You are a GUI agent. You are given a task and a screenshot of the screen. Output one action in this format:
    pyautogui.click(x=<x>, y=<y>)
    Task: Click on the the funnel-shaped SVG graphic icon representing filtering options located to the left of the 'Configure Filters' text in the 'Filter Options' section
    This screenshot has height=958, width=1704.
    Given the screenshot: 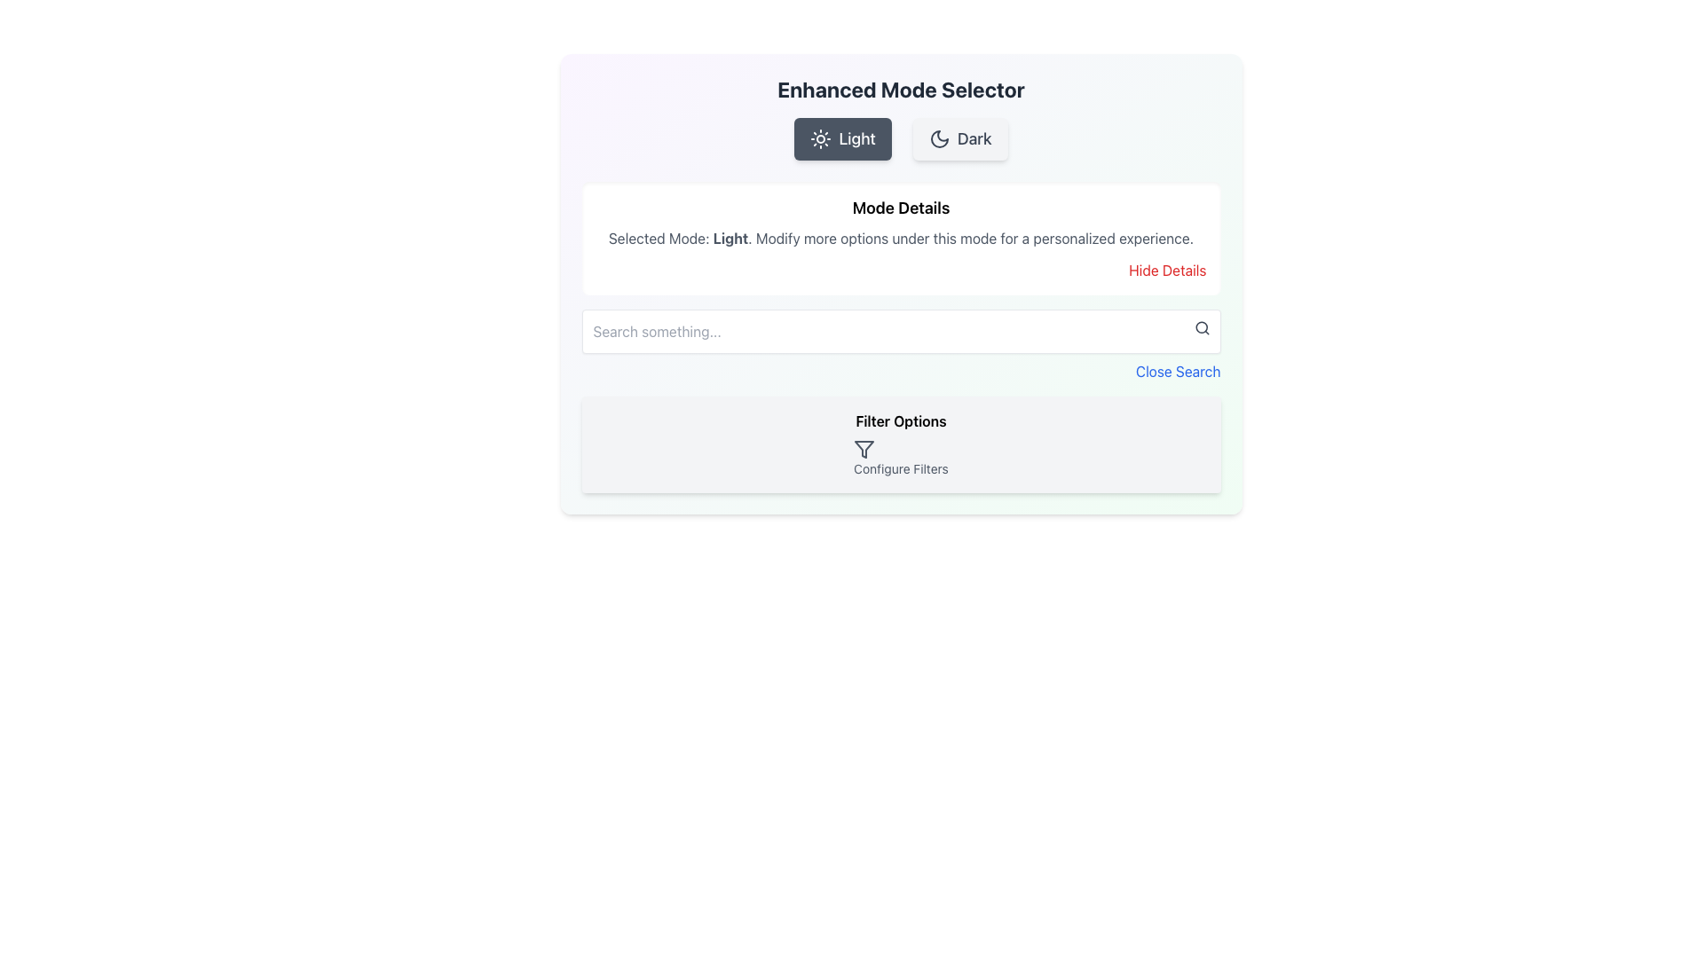 What is the action you would take?
    pyautogui.click(x=864, y=448)
    